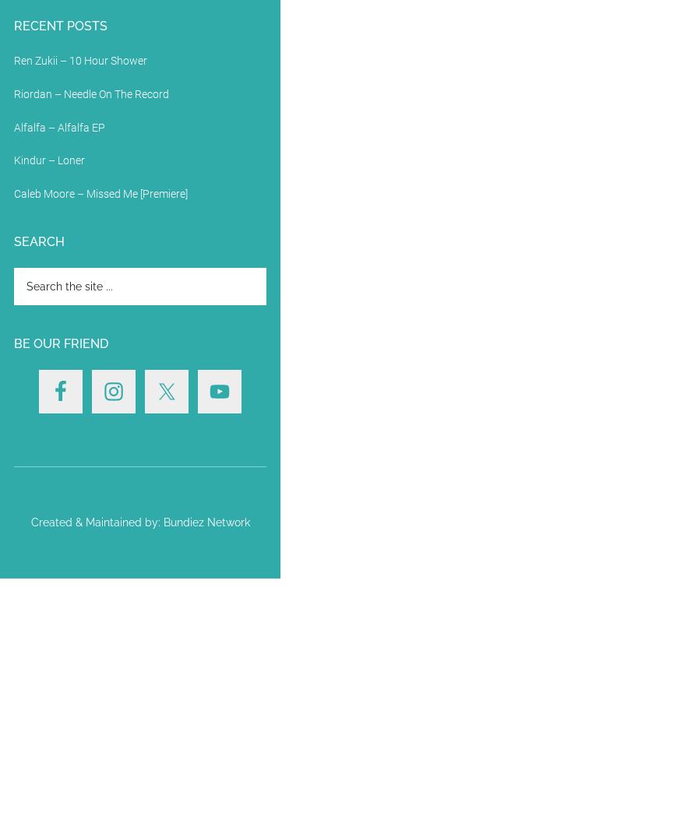 Image resolution: width=684 pixels, height=816 pixels. Describe the element at coordinates (95, 522) in the screenshot. I see `'Created & Maintained by:'` at that location.